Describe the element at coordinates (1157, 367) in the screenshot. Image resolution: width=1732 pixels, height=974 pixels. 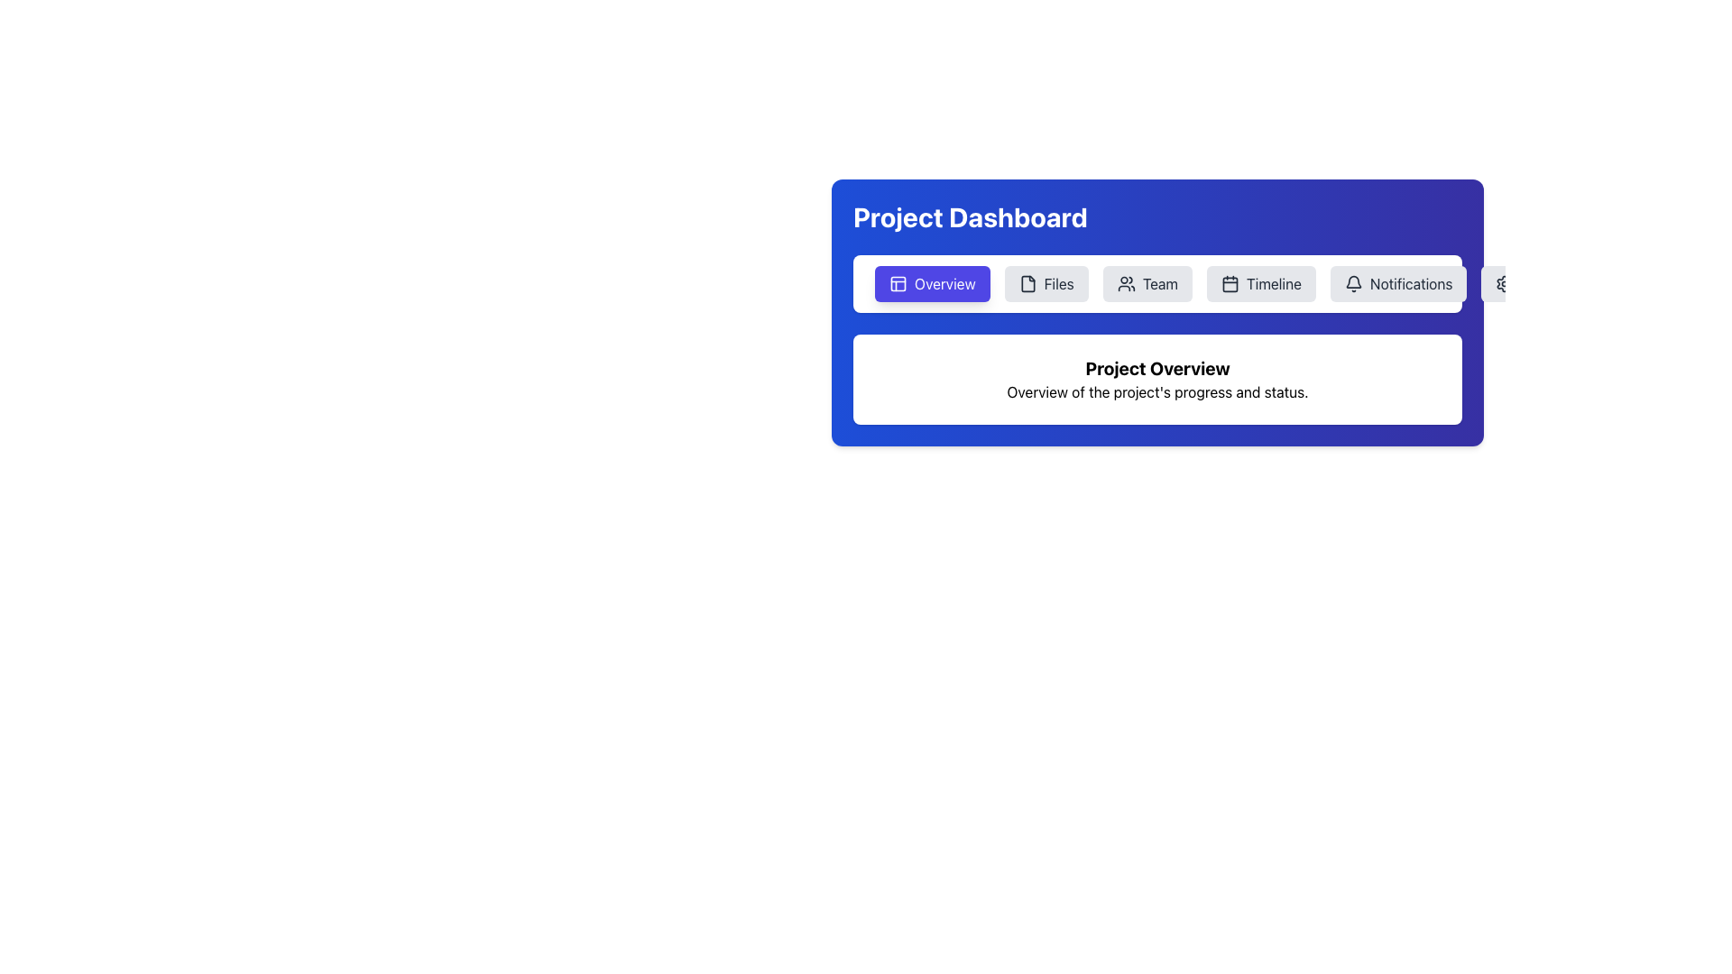
I see `the bold text label displaying 'Project Overview'` at that location.